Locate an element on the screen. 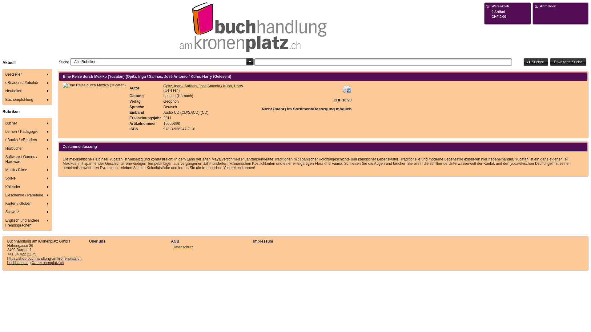 The height and width of the screenshot is (332, 591). 'eBooks / eReaders' is located at coordinates (27, 140).